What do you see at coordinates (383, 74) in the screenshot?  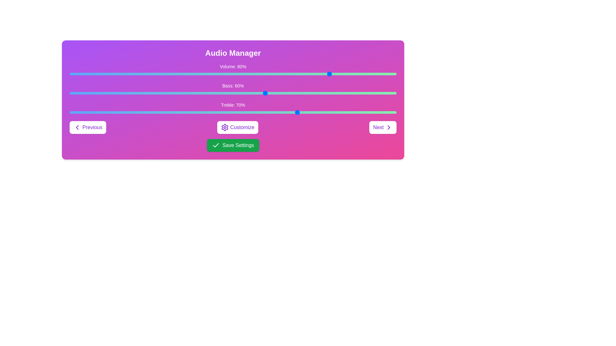 I see `the slider value` at bounding box center [383, 74].